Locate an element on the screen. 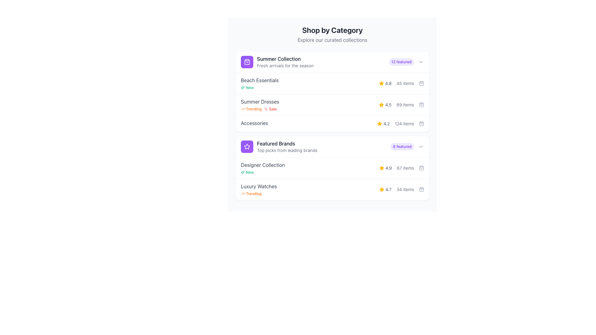 The height and width of the screenshot is (335, 596). the small bold text label styled as 'New' located in the 'Beach Essentials' category entry, positioned to the right of a sparkles icon is located at coordinates (250, 87).